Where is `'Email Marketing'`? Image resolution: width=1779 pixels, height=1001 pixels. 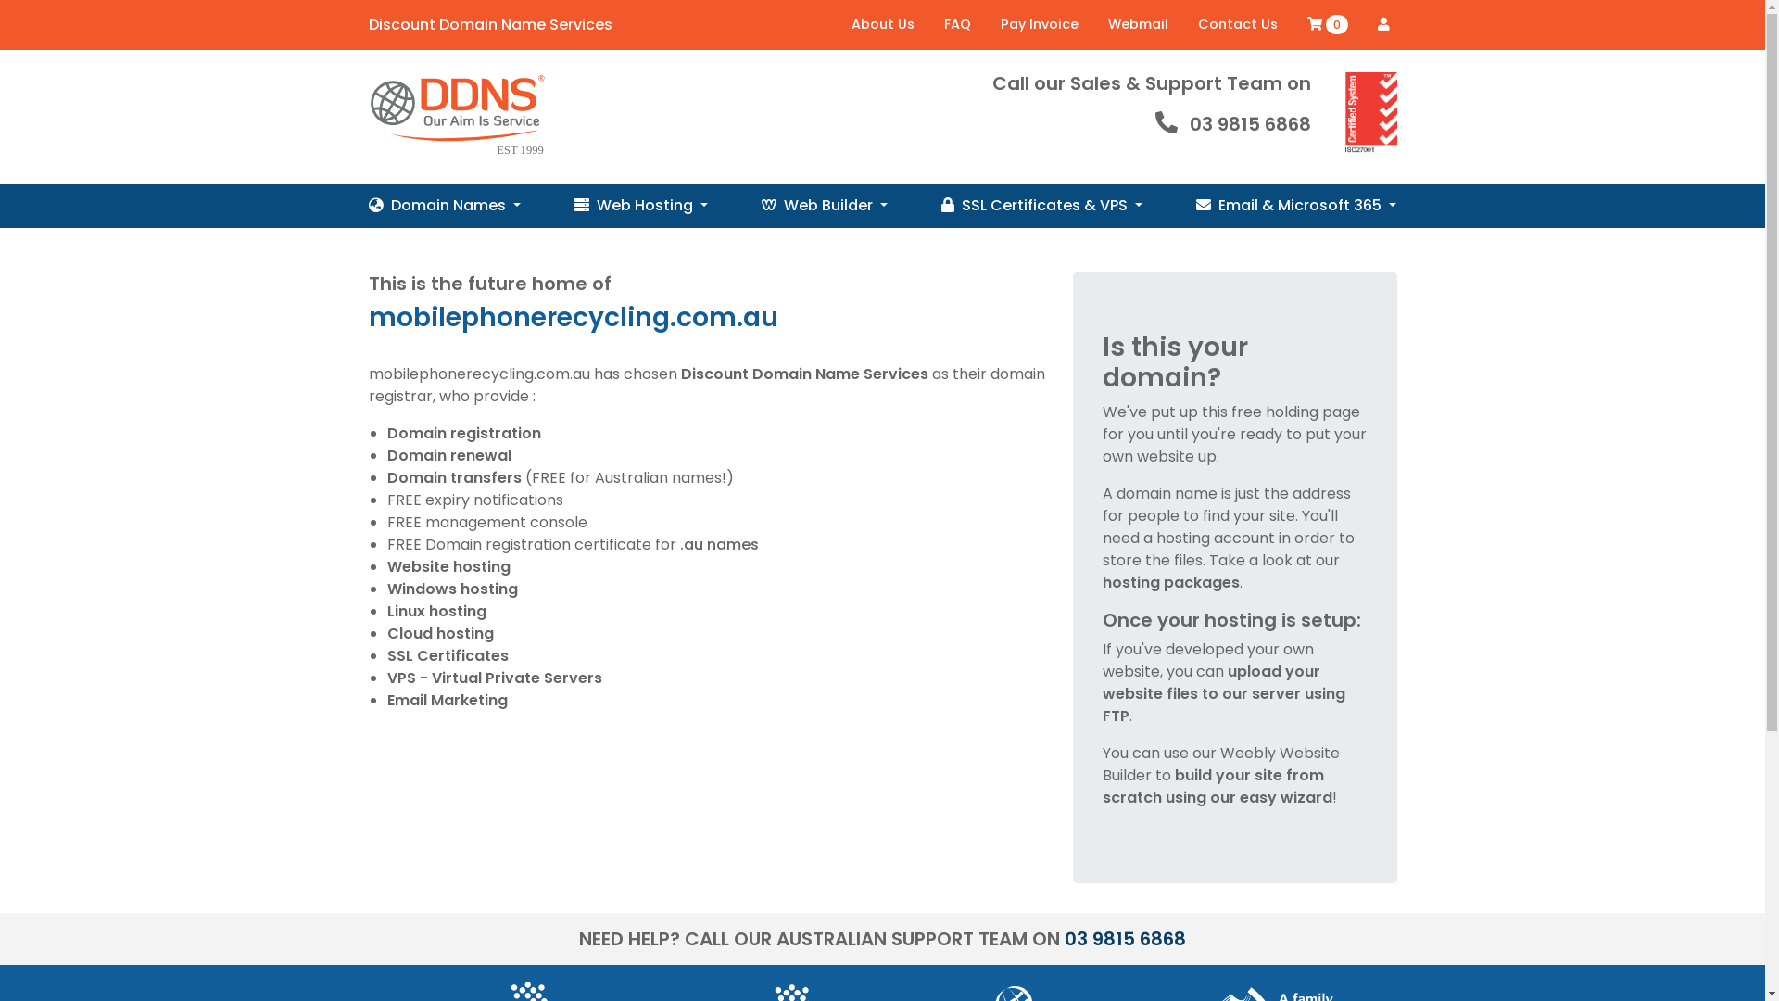 'Email Marketing' is located at coordinates (448, 700).